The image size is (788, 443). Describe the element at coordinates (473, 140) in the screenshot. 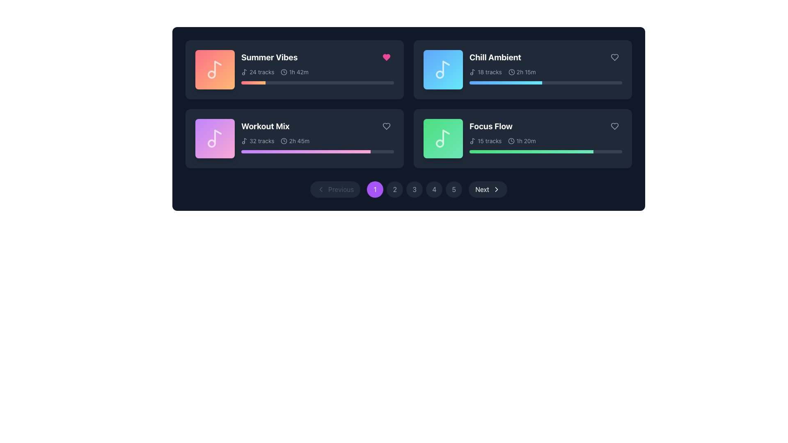

I see `the musical note icon located to the left of the text '15 tracks' within the 'Focus Flow' card` at that location.